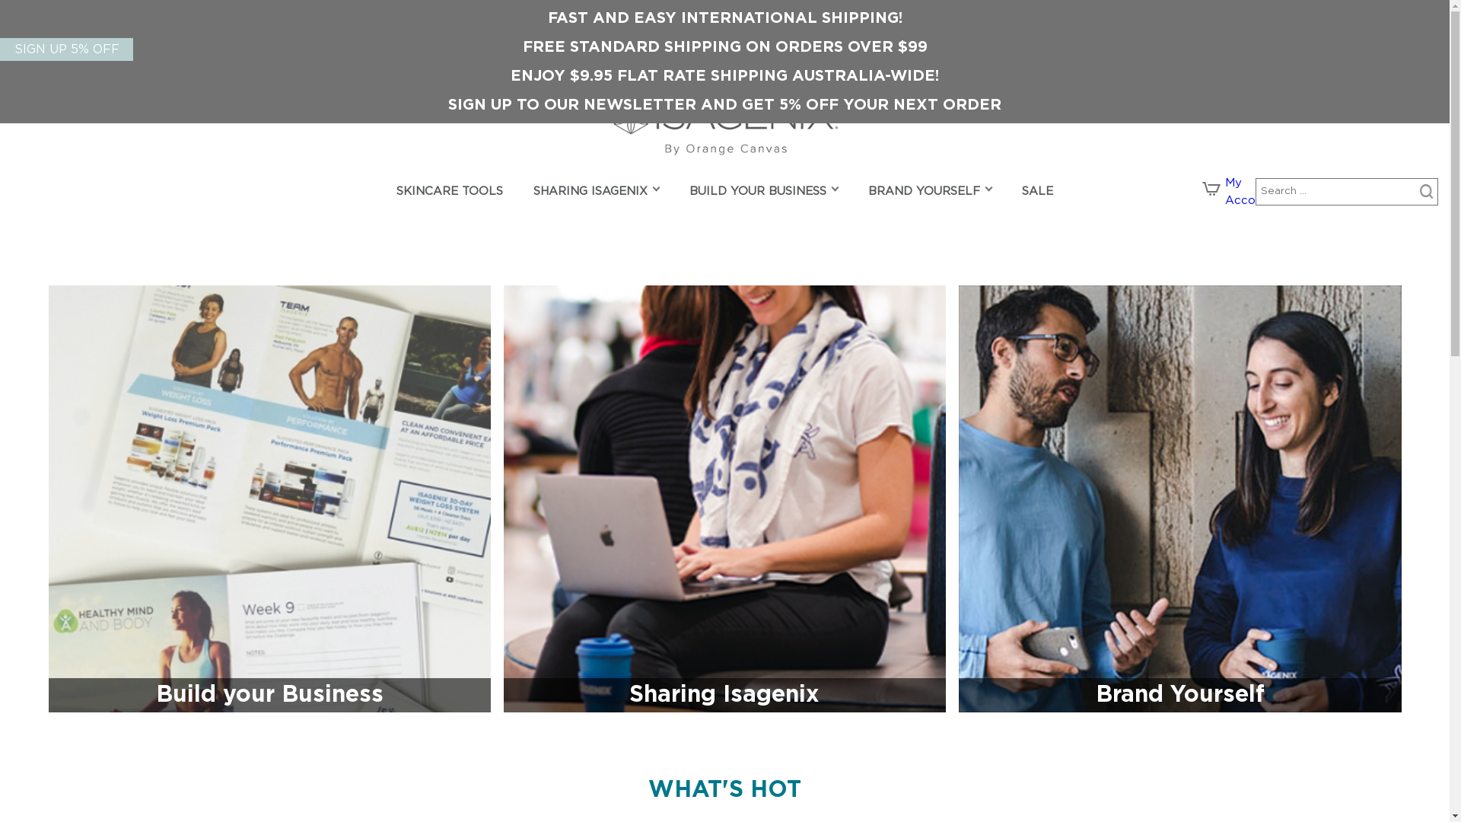 This screenshot has width=1461, height=822. Describe the element at coordinates (1022, 193) in the screenshot. I see `'SALE'` at that location.